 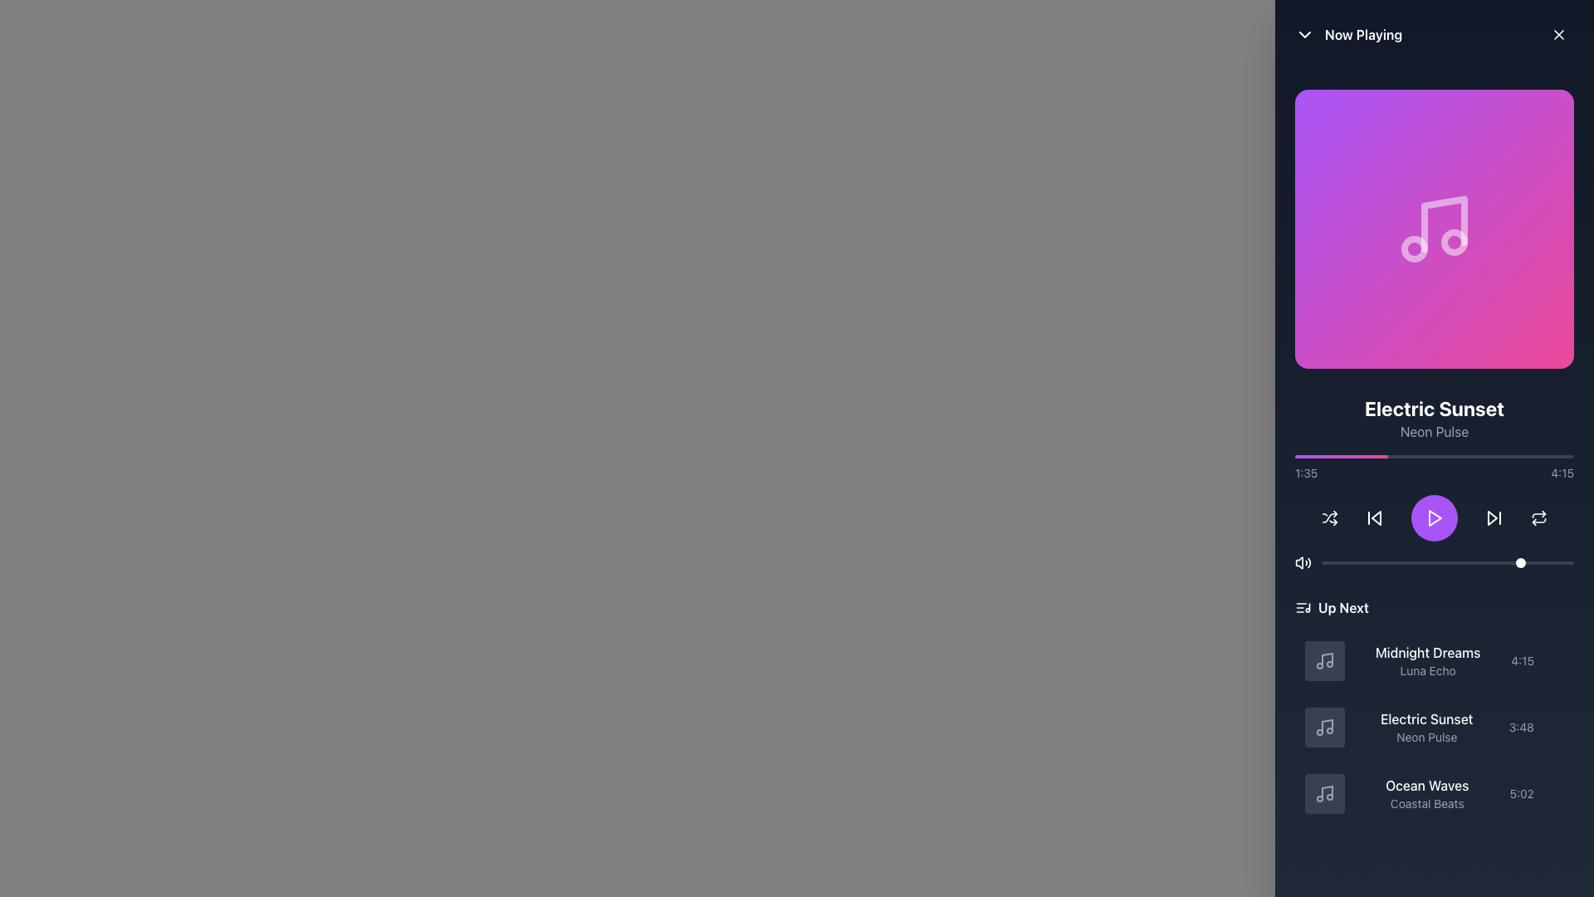 I want to click on the stylized speaker icon on the music player interface, so click(x=1298, y=562).